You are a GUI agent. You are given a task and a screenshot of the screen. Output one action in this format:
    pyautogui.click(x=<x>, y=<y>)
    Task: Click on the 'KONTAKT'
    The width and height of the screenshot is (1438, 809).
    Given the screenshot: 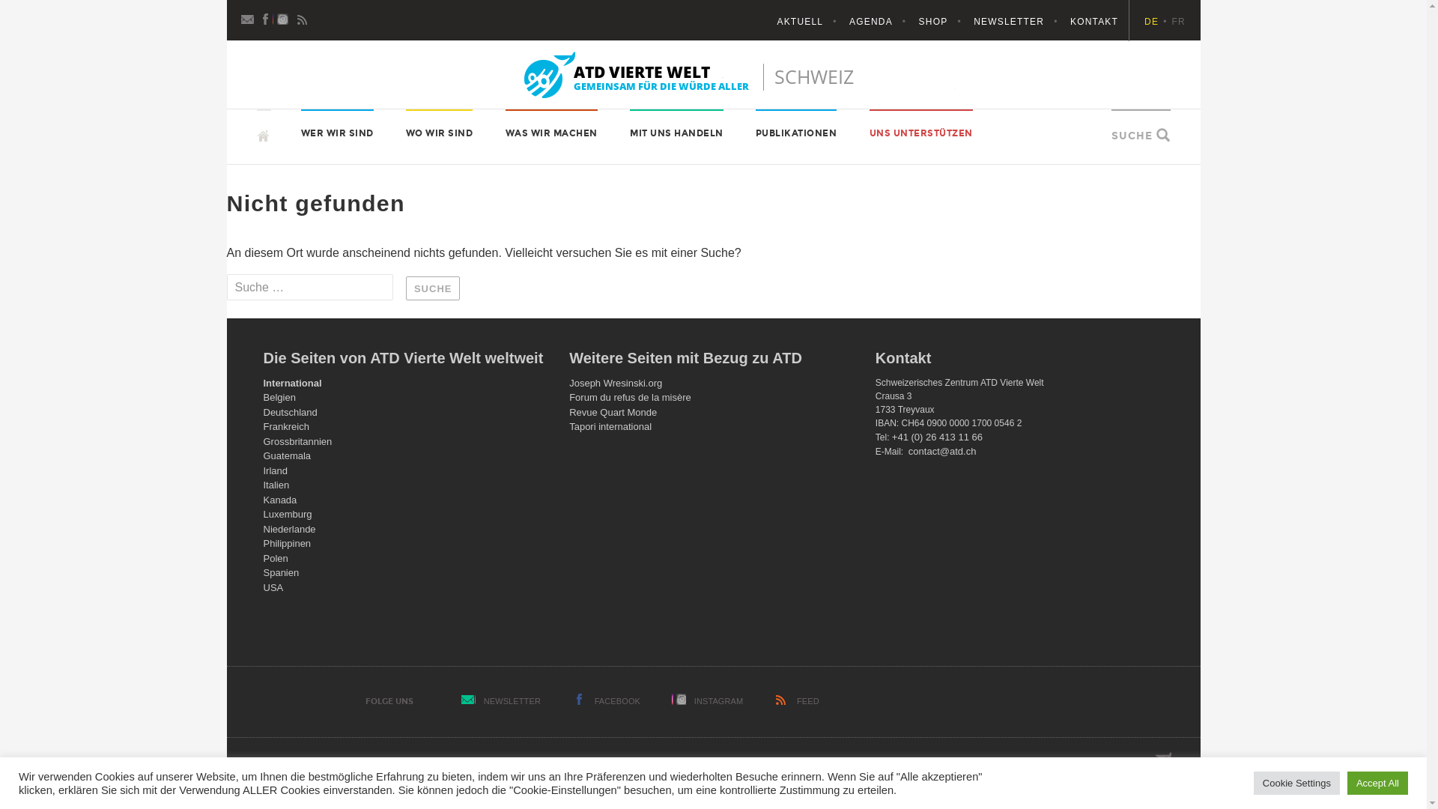 What is the action you would take?
    pyautogui.click(x=1093, y=22)
    